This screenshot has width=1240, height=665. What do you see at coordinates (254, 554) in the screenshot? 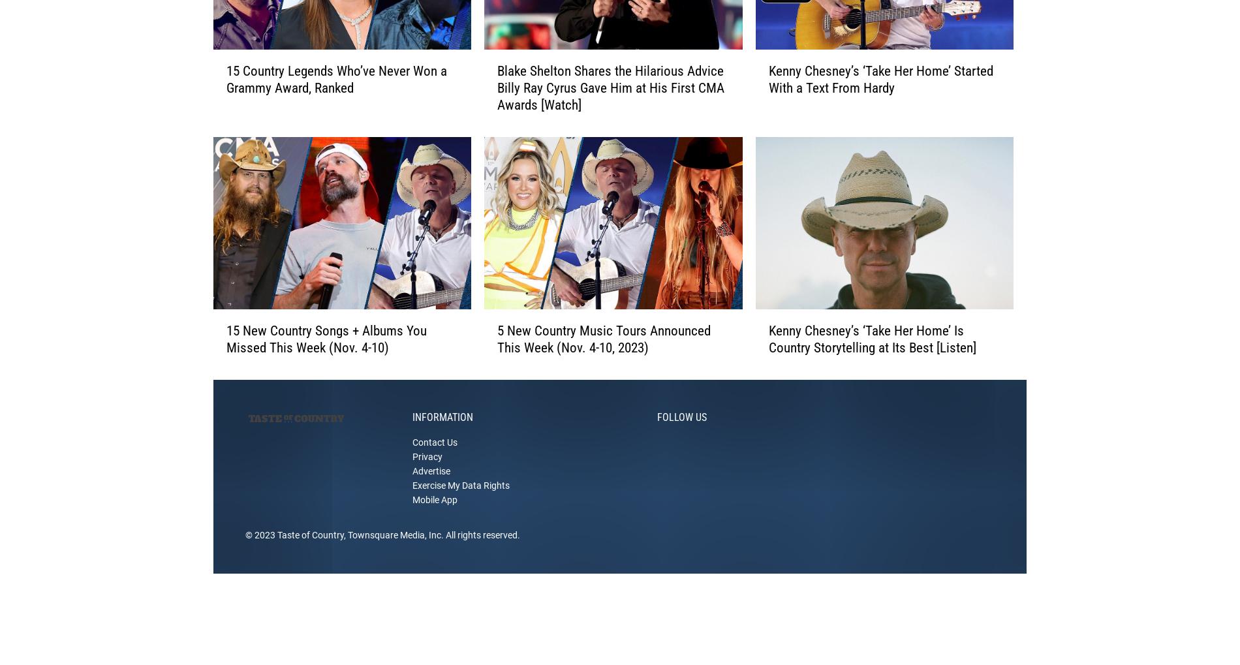
I see `'2023'` at bounding box center [254, 554].